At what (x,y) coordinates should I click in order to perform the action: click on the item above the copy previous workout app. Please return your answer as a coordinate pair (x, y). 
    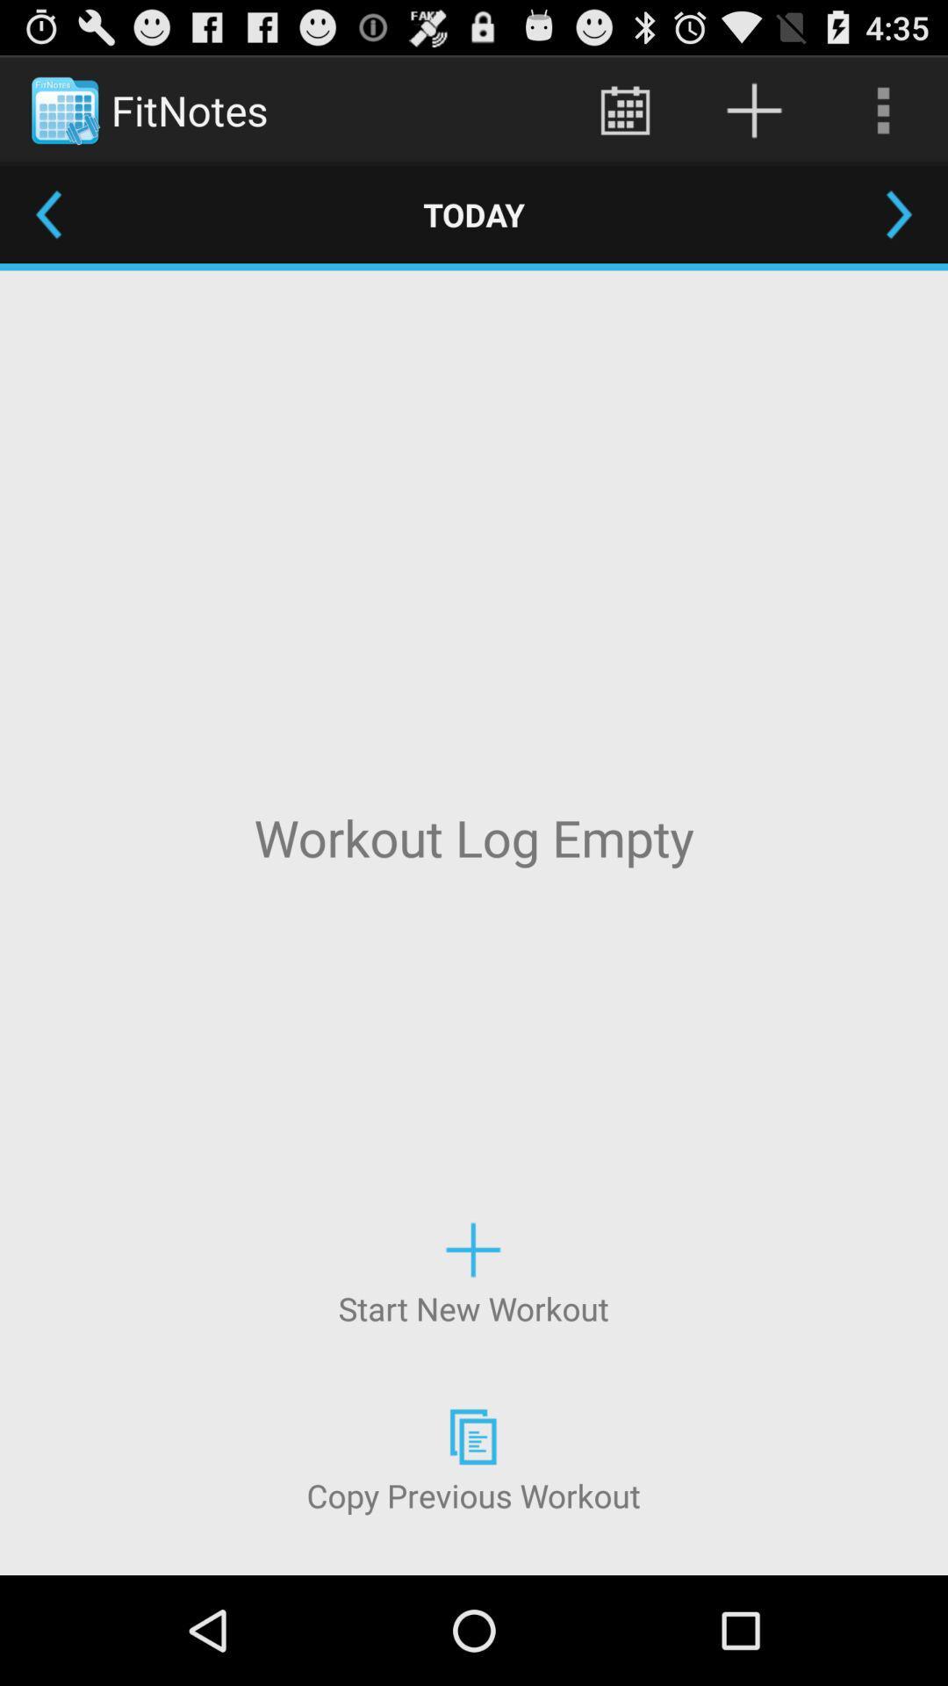
    Looking at the image, I should click on (472, 1272).